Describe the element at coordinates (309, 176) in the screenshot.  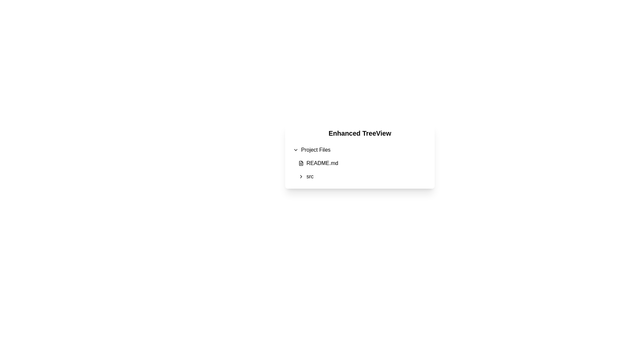
I see `the text label representing the 'src' file or folder` at that location.